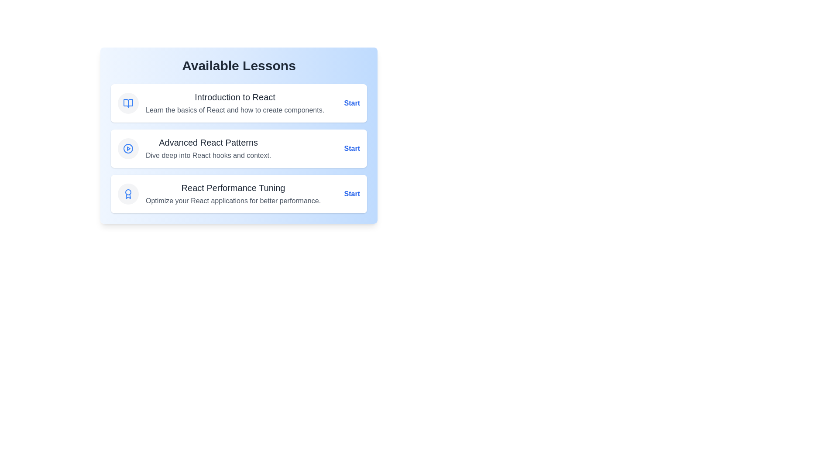 This screenshot has height=471, width=838. What do you see at coordinates (239, 102) in the screenshot?
I see `the lesson card for 'Introduction to React' to observe the scaling effect` at bounding box center [239, 102].